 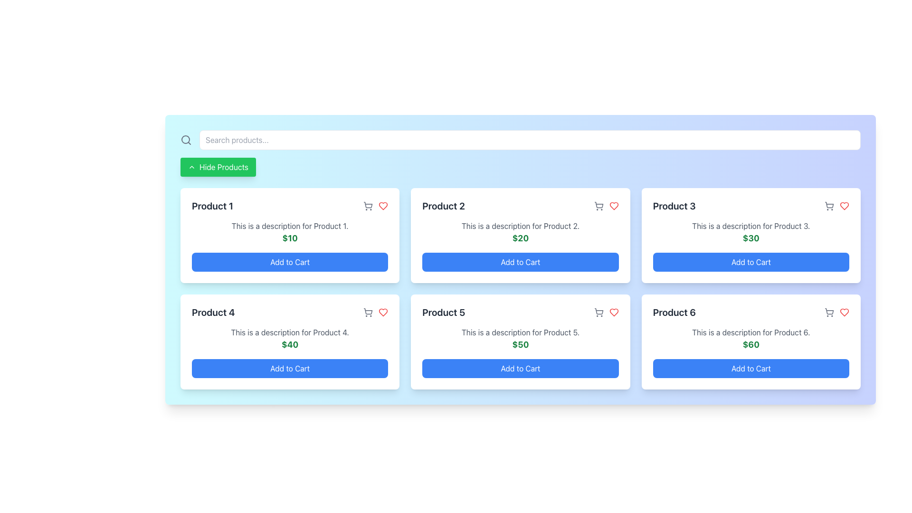 What do you see at coordinates (520, 368) in the screenshot?
I see `the blue 'Add to Cart' button with rounded corners located at the bottom of the Product 5 card` at bounding box center [520, 368].